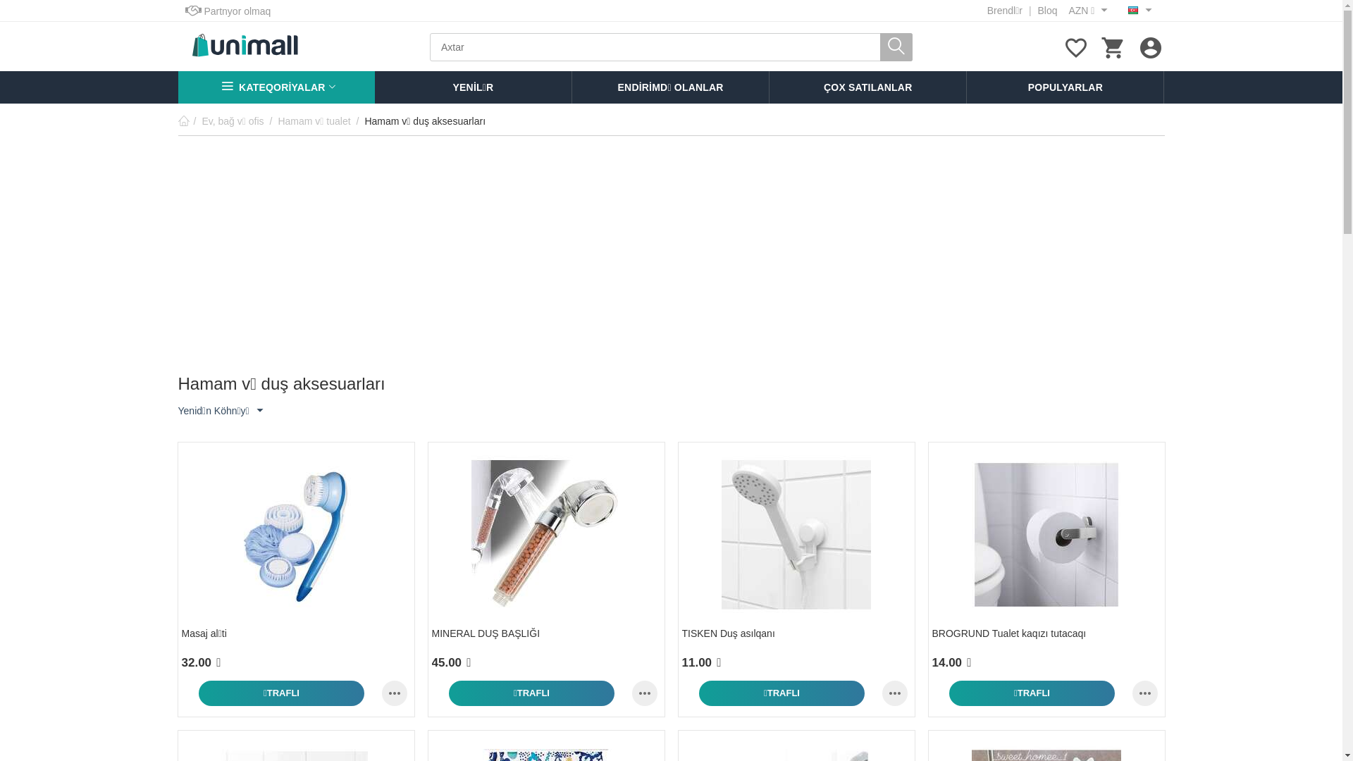 The image size is (1353, 761). Describe the element at coordinates (1065, 87) in the screenshot. I see `'POPULYARLAR'` at that location.